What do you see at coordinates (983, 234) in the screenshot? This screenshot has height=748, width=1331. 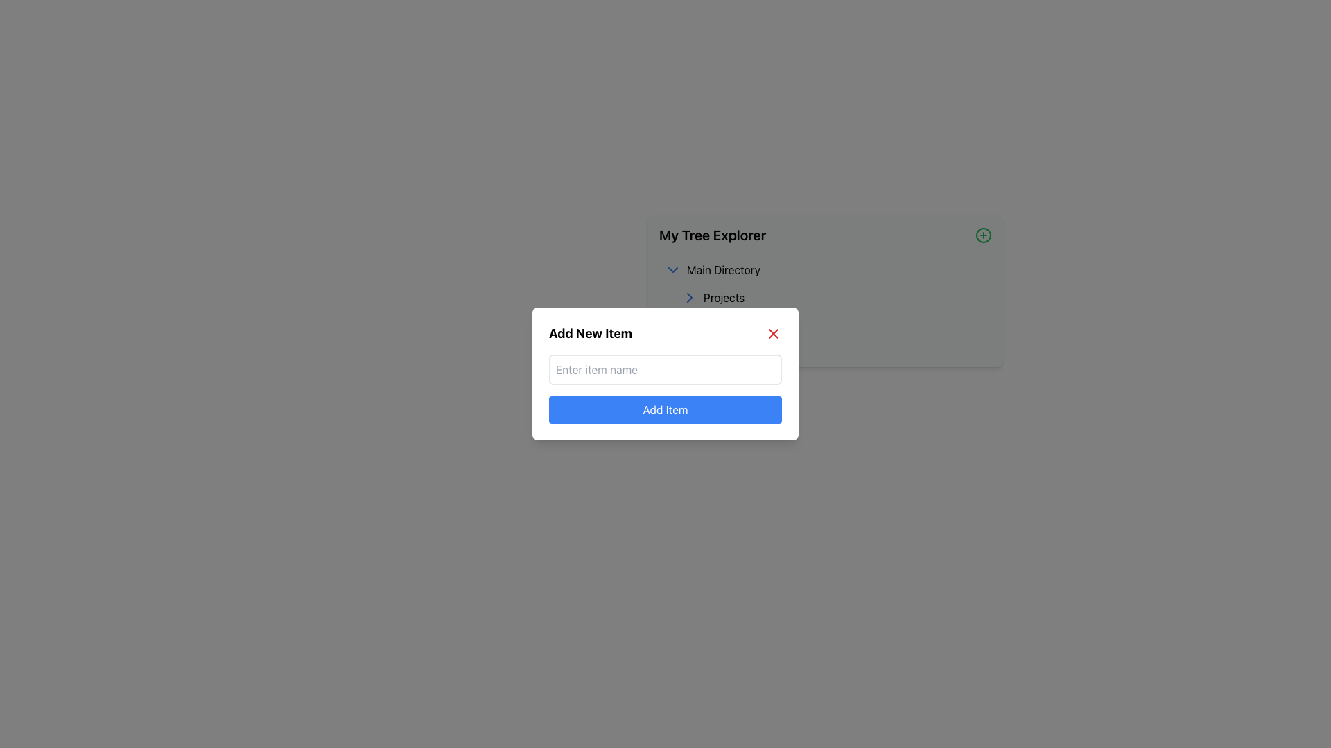 I see `the circular add button with a green stroke and plus sign located at the top-right corner of the 'My Tree Explorer' card` at bounding box center [983, 234].